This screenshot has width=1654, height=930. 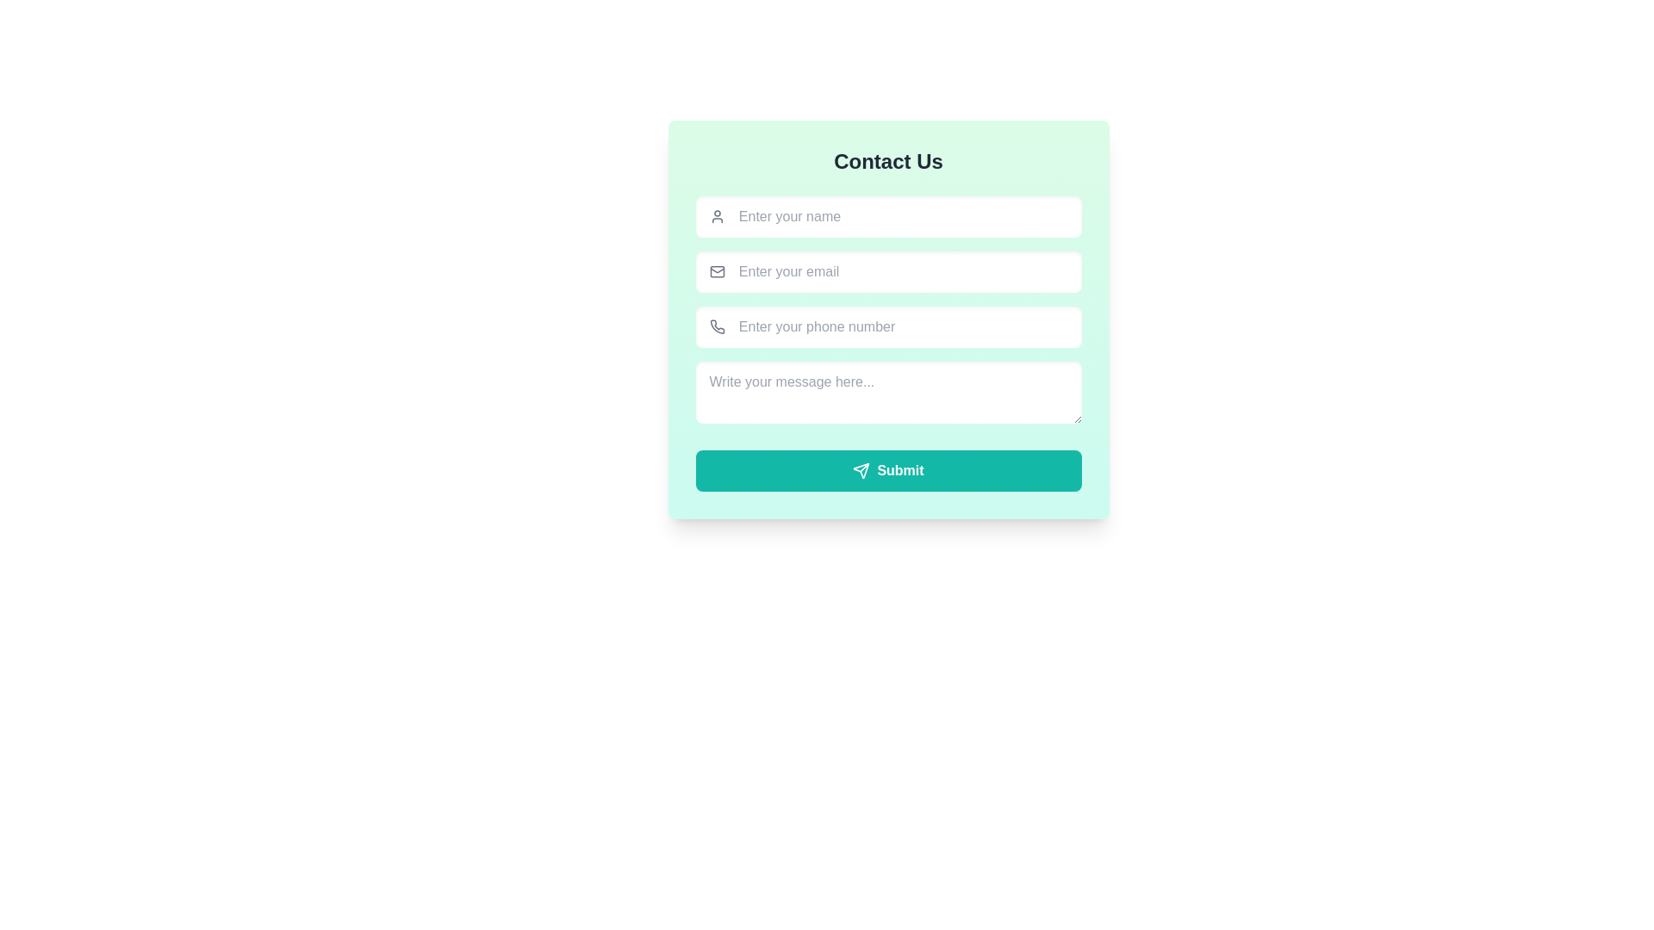 What do you see at coordinates (717, 326) in the screenshot?
I see `the phone icon located in the third input field labeled 'Enter your phone number', which is rendered in a line-art style and colored gray` at bounding box center [717, 326].